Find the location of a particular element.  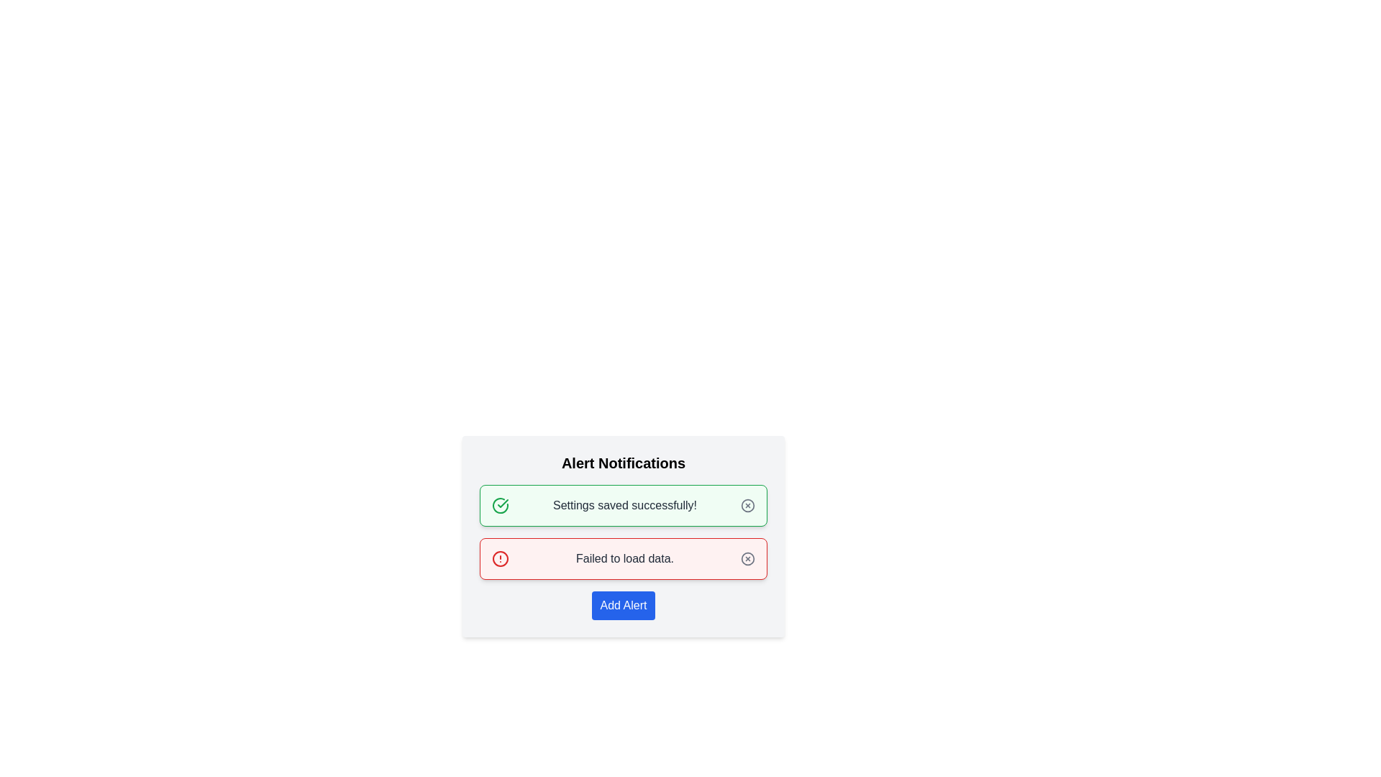

the graphical icon that signifies a positive confirmation within the green alert box displaying 'Settings saved successfully!' is located at coordinates (501, 504).